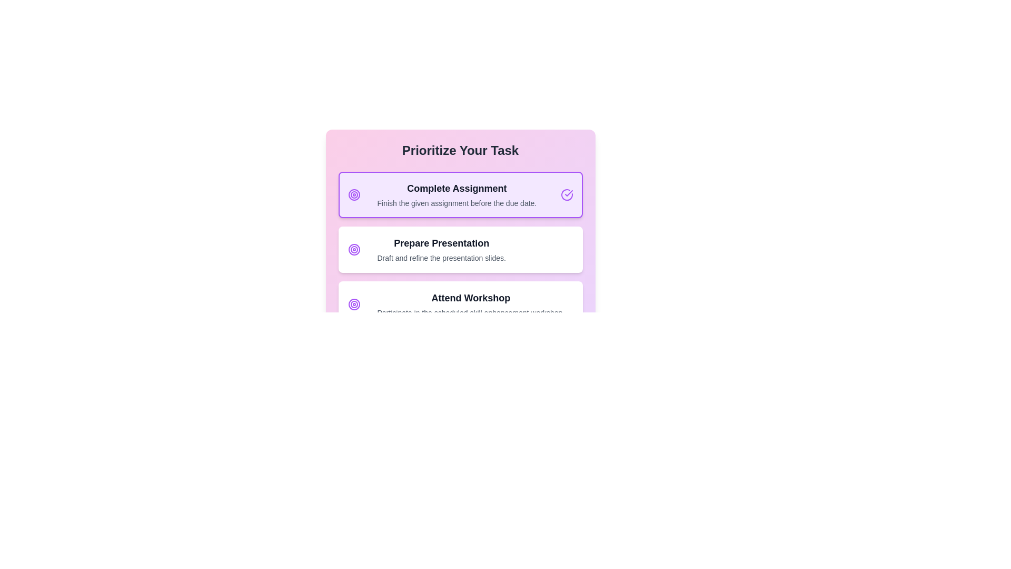 This screenshot has height=569, width=1011. What do you see at coordinates (354, 250) in the screenshot?
I see `the target icon representing the task 'Prepare Presentation', which is positioned as the first item on the left side of the task list` at bounding box center [354, 250].